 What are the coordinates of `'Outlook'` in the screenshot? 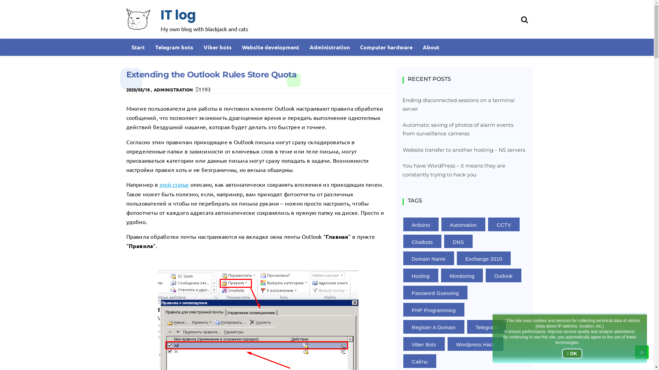 It's located at (503, 275).